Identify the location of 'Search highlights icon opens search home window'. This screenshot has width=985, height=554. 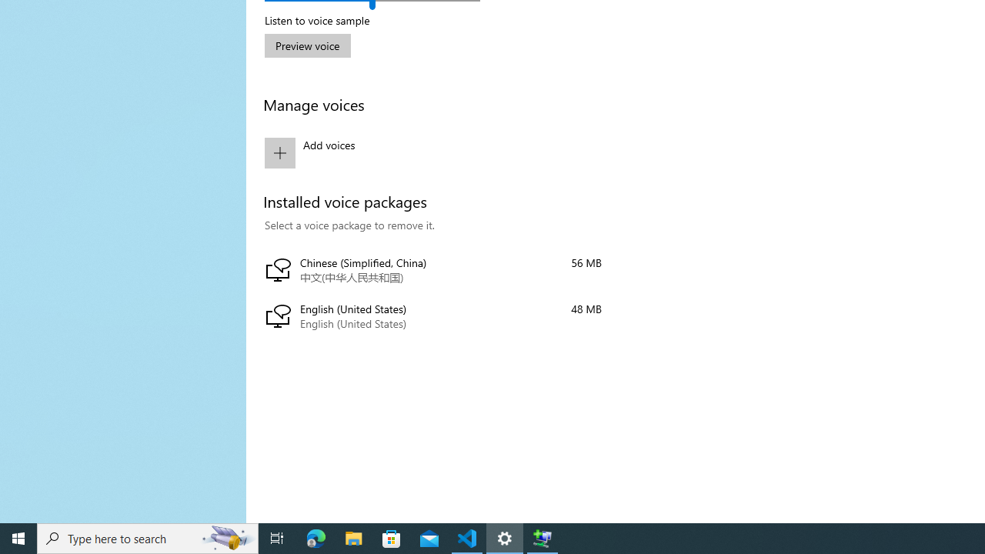
(226, 537).